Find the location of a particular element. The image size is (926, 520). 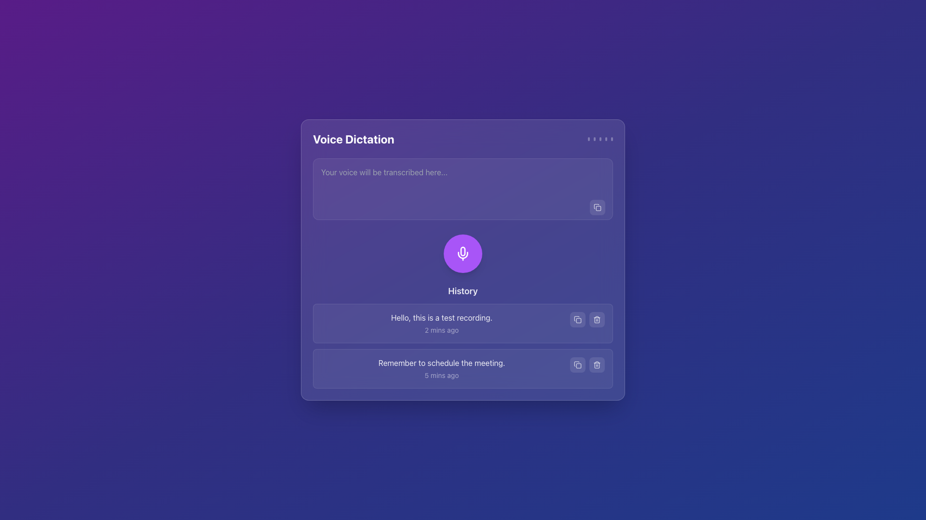

the copy button located at the bottom-right corner of the input field with the placeholder 'Your voice will be transcribed here...' is located at coordinates (597, 207).